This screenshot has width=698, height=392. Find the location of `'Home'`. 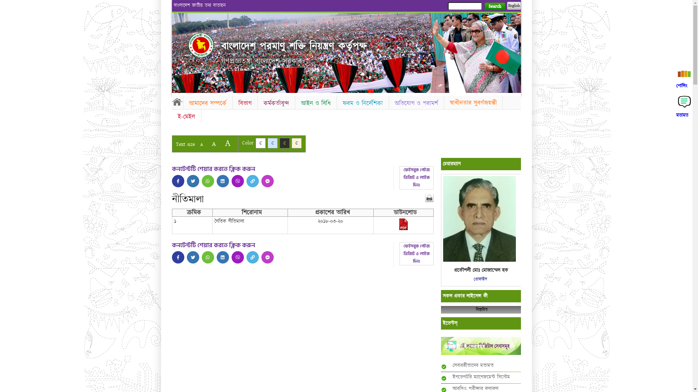

'Home' is located at coordinates (177, 102).